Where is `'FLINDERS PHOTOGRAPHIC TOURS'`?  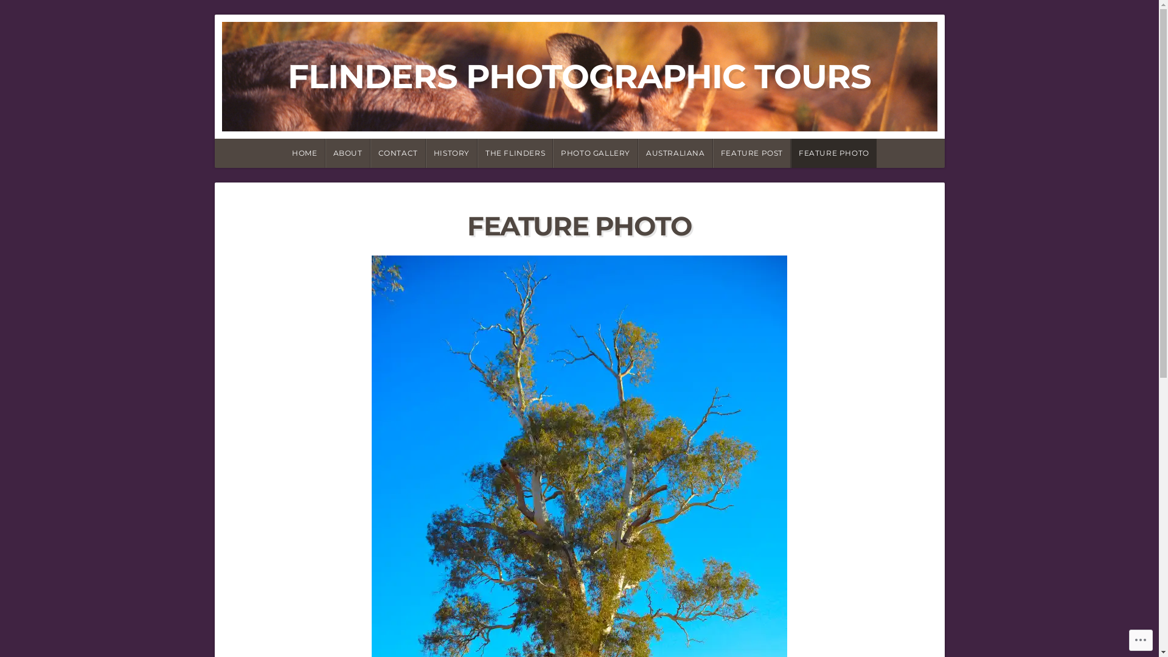 'FLINDERS PHOTOGRAPHIC TOURS' is located at coordinates (579, 76).